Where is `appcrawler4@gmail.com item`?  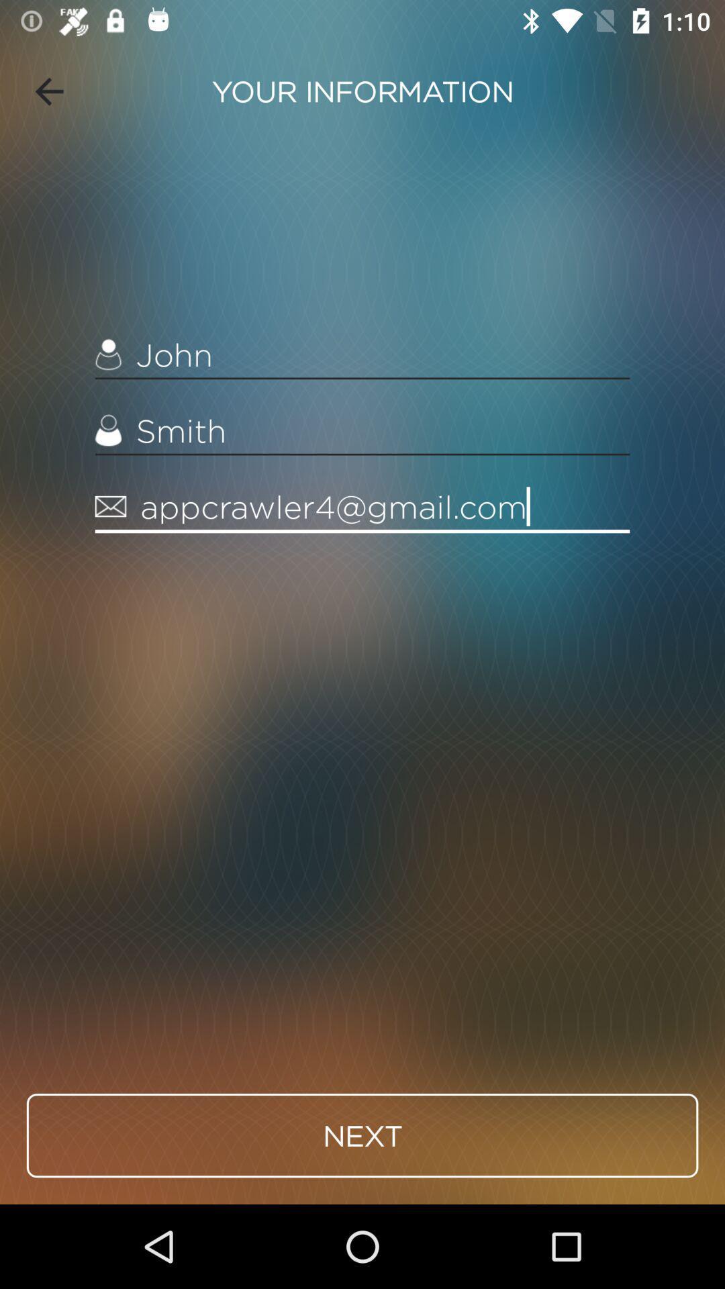 appcrawler4@gmail.com item is located at coordinates (362, 506).